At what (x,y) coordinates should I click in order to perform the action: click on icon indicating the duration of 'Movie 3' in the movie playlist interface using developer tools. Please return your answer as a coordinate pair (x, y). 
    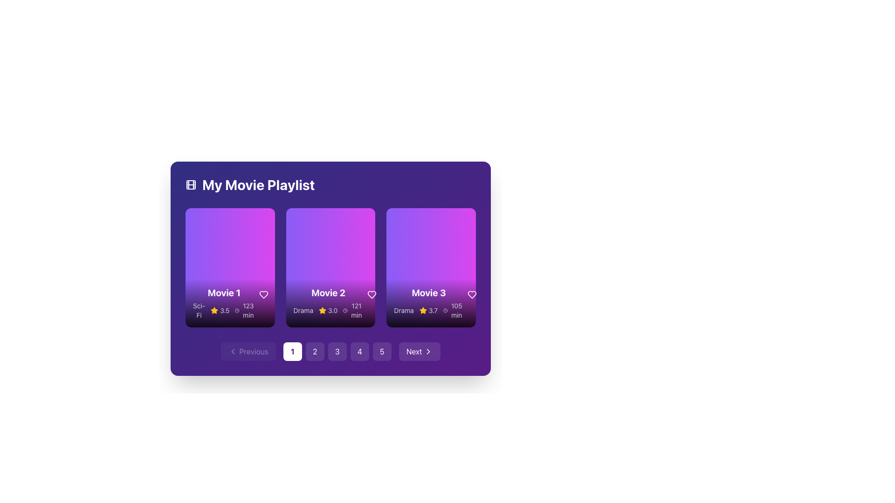
    Looking at the image, I should click on (445, 311).